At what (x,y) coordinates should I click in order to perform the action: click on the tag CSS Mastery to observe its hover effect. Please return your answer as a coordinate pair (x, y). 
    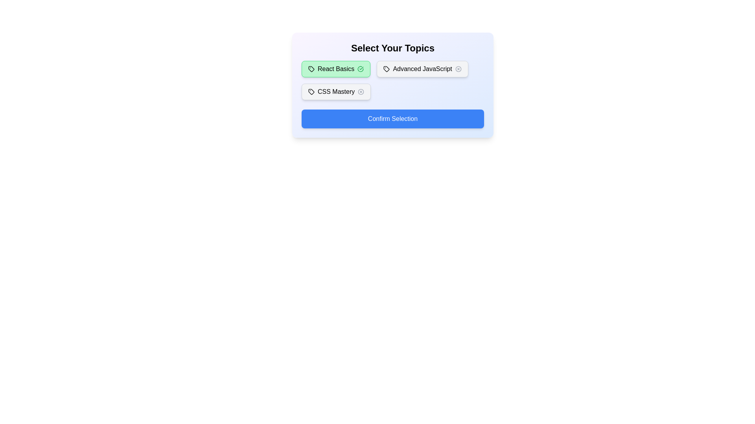
    Looking at the image, I should click on (336, 91).